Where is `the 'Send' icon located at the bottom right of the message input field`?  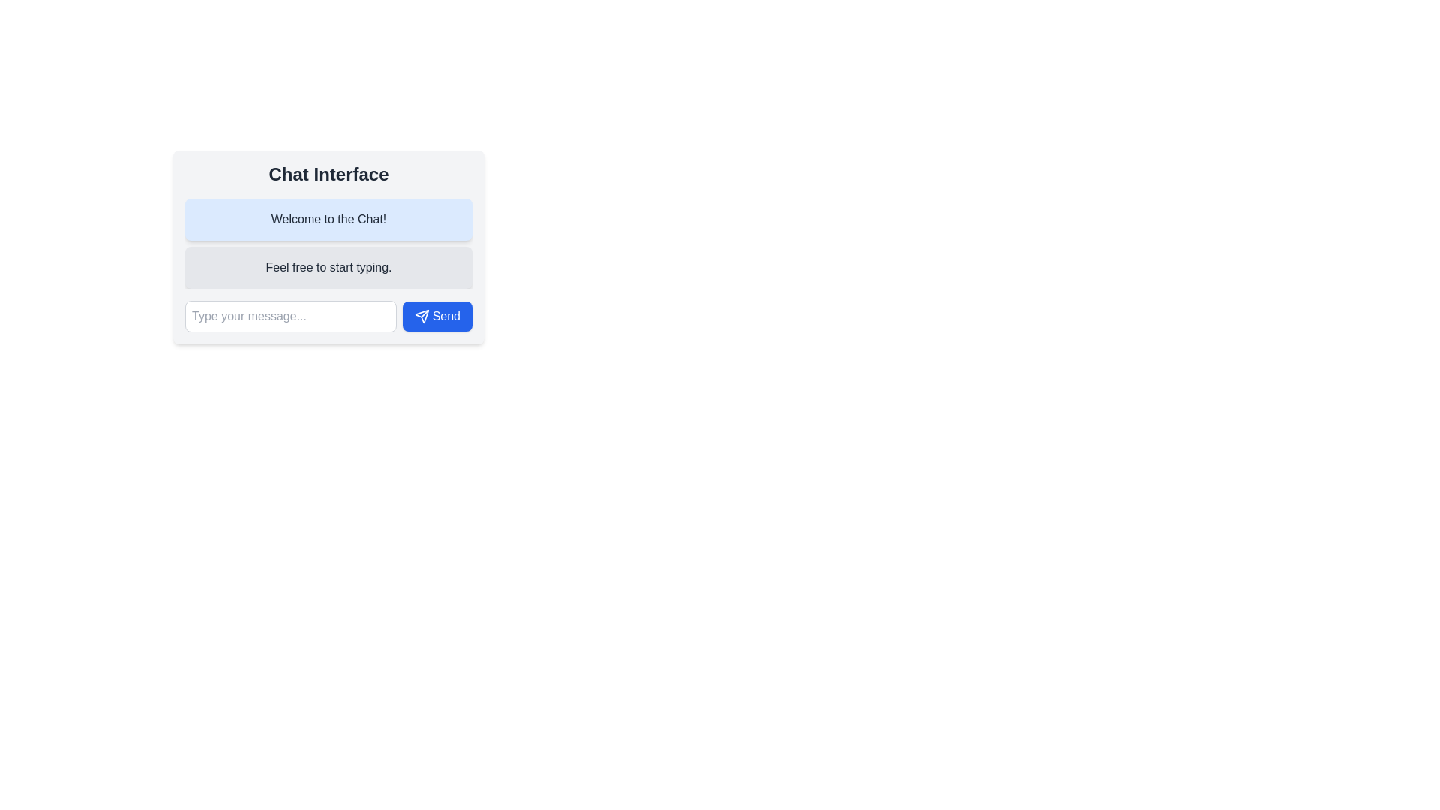 the 'Send' icon located at the bottom right of the message input field is located at coordinates (421, 315).